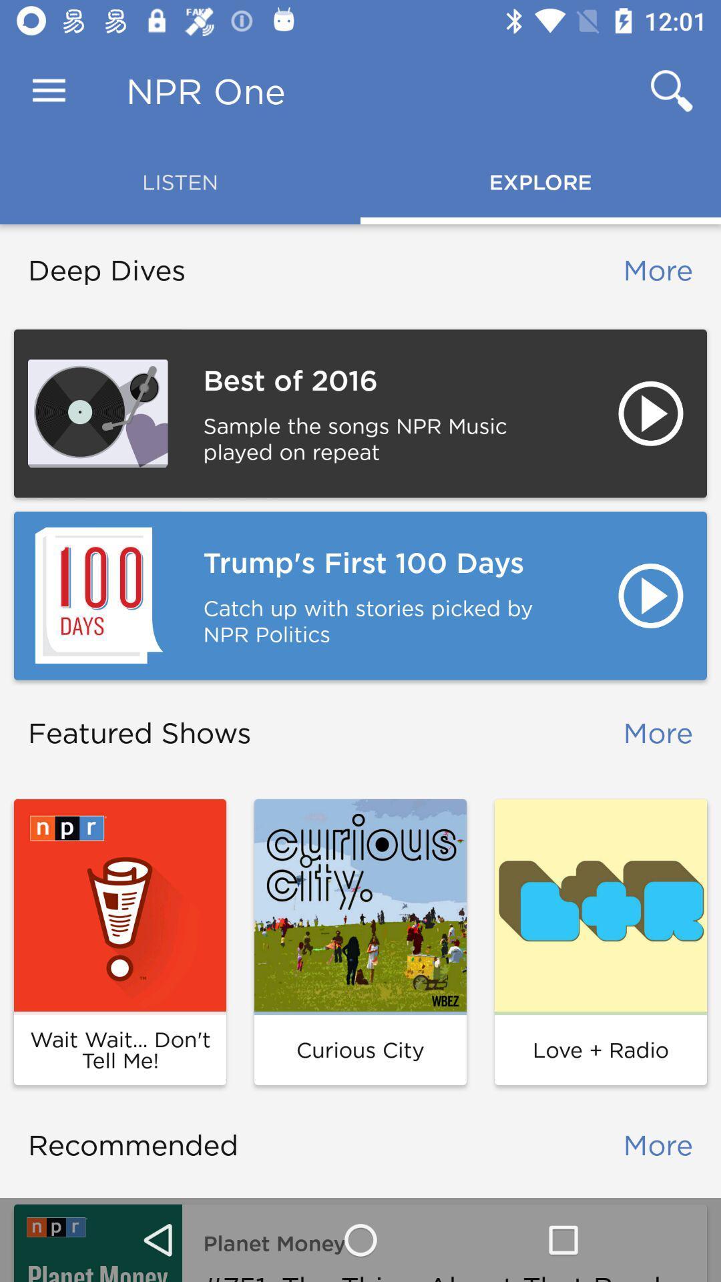 This screenshot has width=721, height=1282. Describe the element at coordinates (97, 1242) in the screenshot. I see `item to the left of planet money item` at that location.